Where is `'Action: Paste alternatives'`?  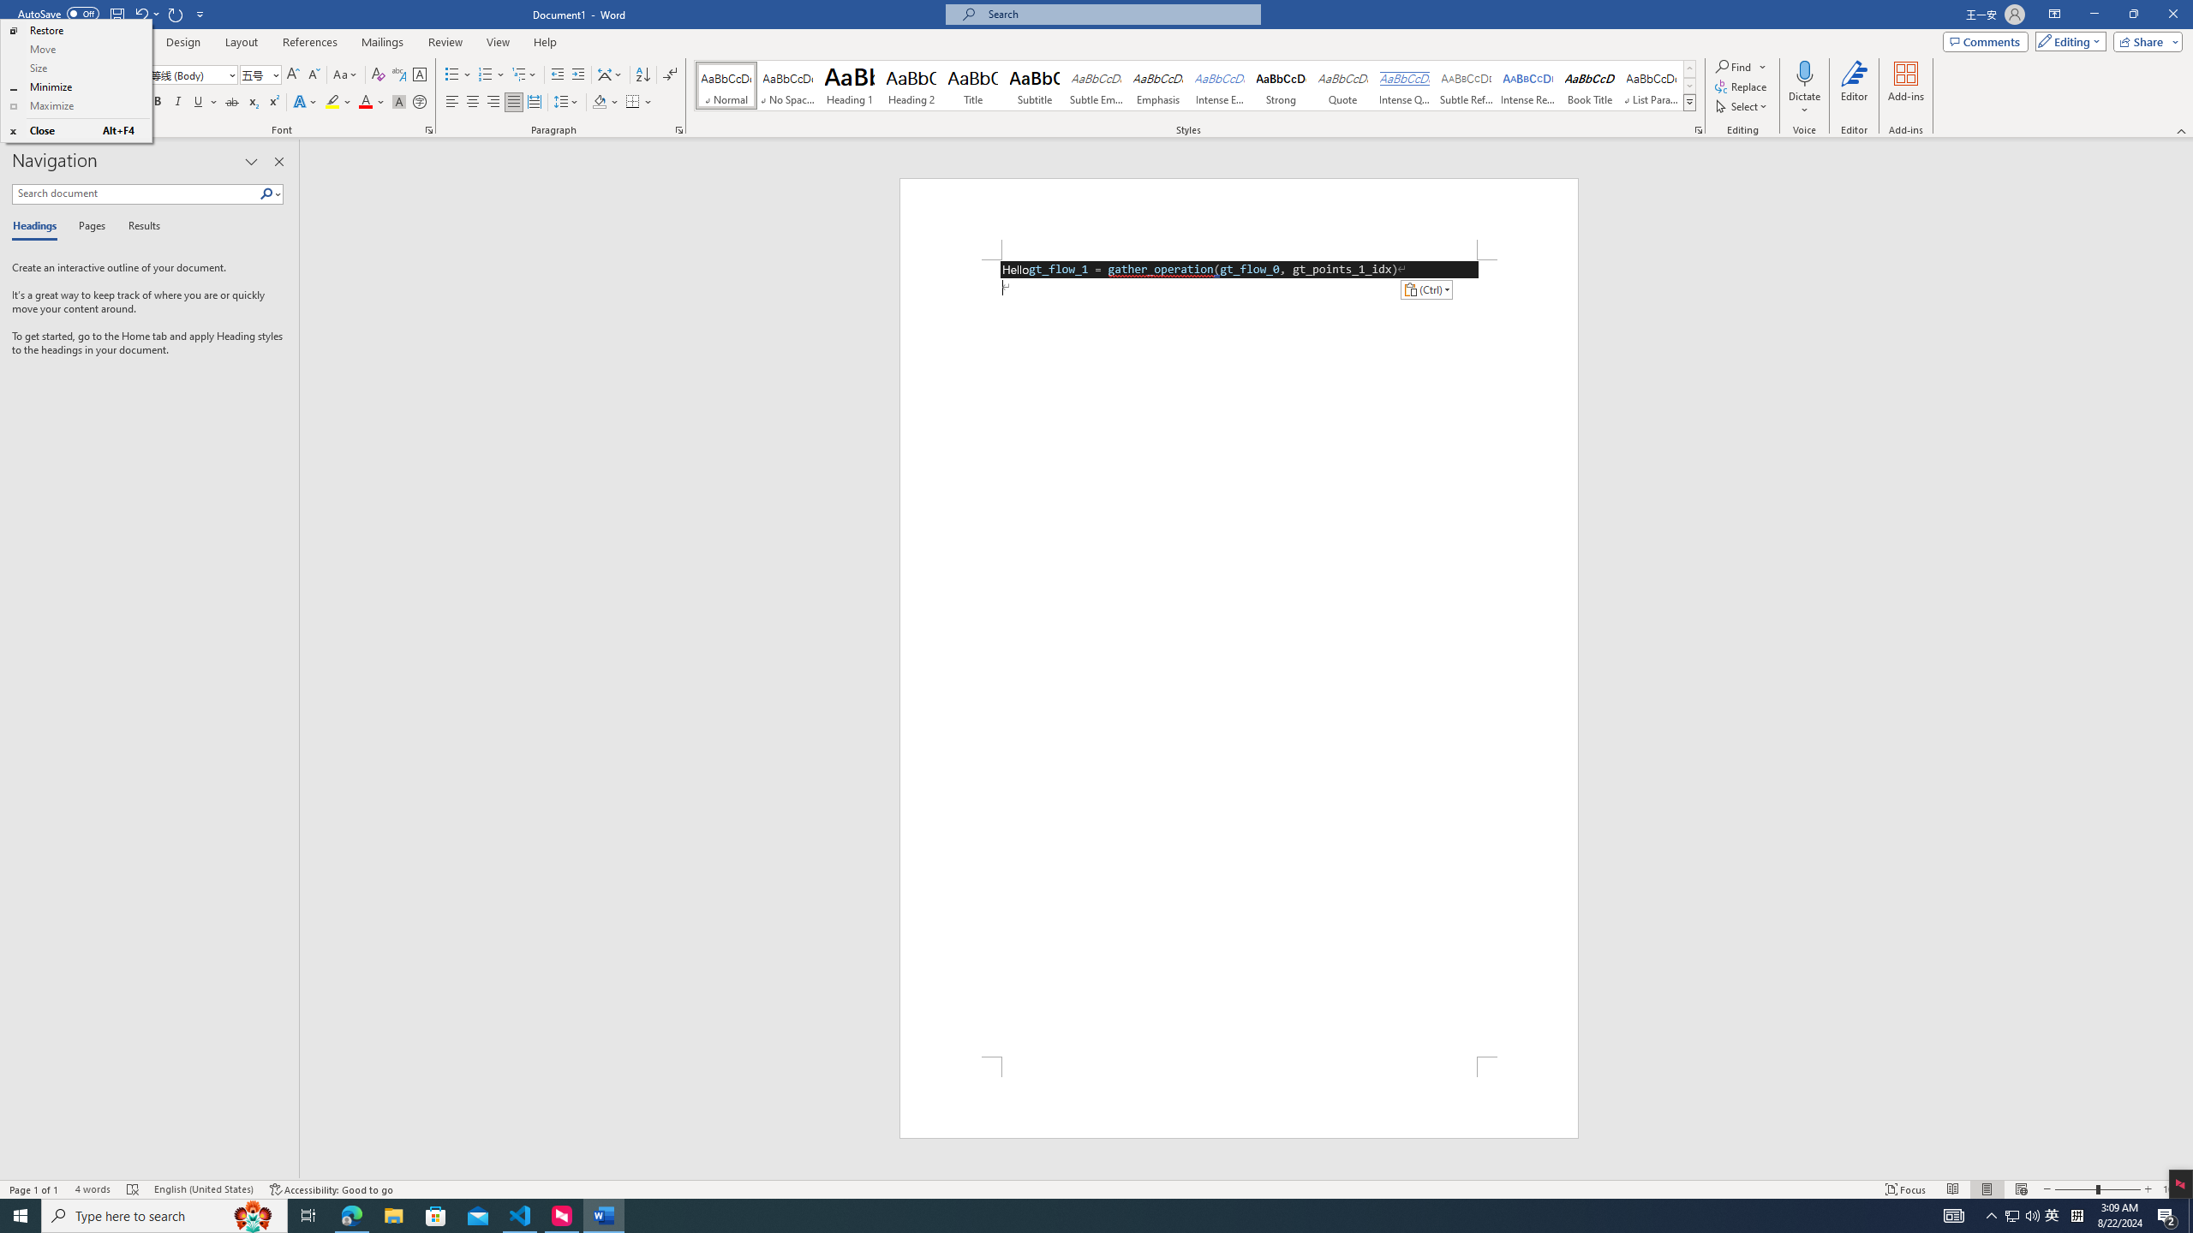
'Action: Paste alternatives' is located at coordinates (1425, 289).